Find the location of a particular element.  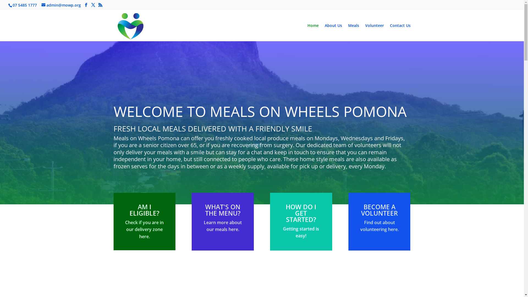

'About Us' is located at coordinates (333, 32).